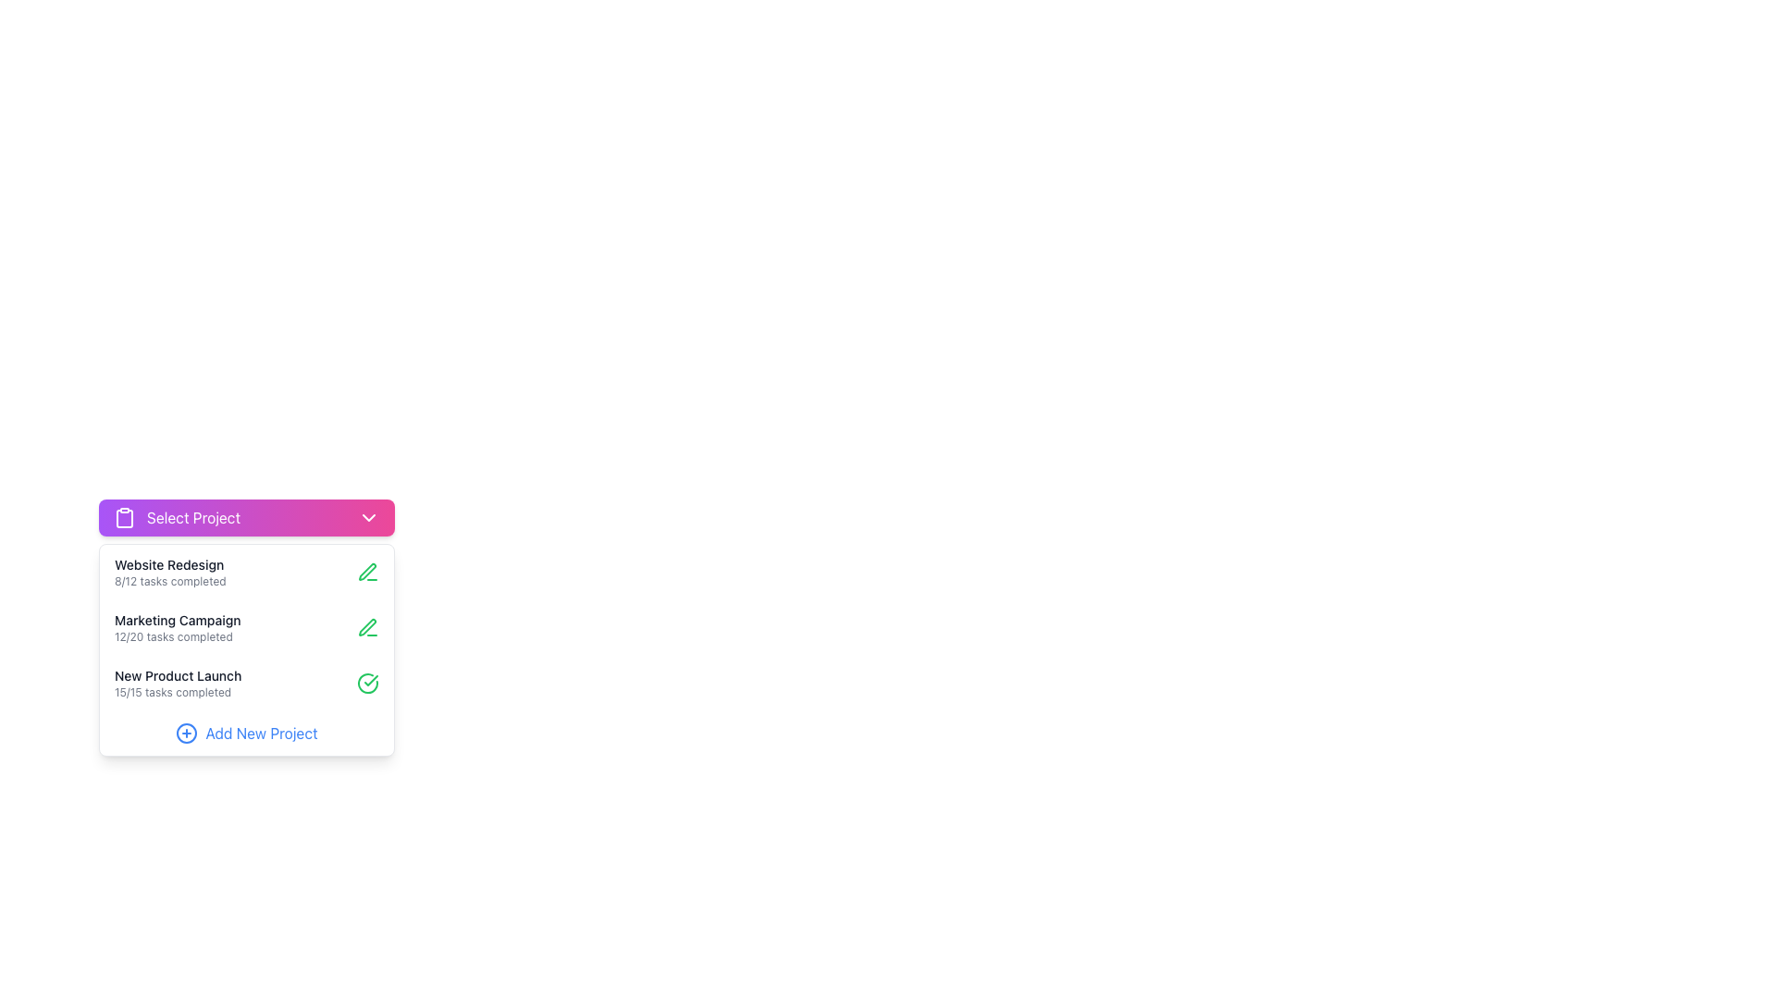  I want to click on displayed text of the Display Label showing 'Marketing Campaign' and '12/20 tasks completed', located in the second row of the project tasks list, so click(178, 626).